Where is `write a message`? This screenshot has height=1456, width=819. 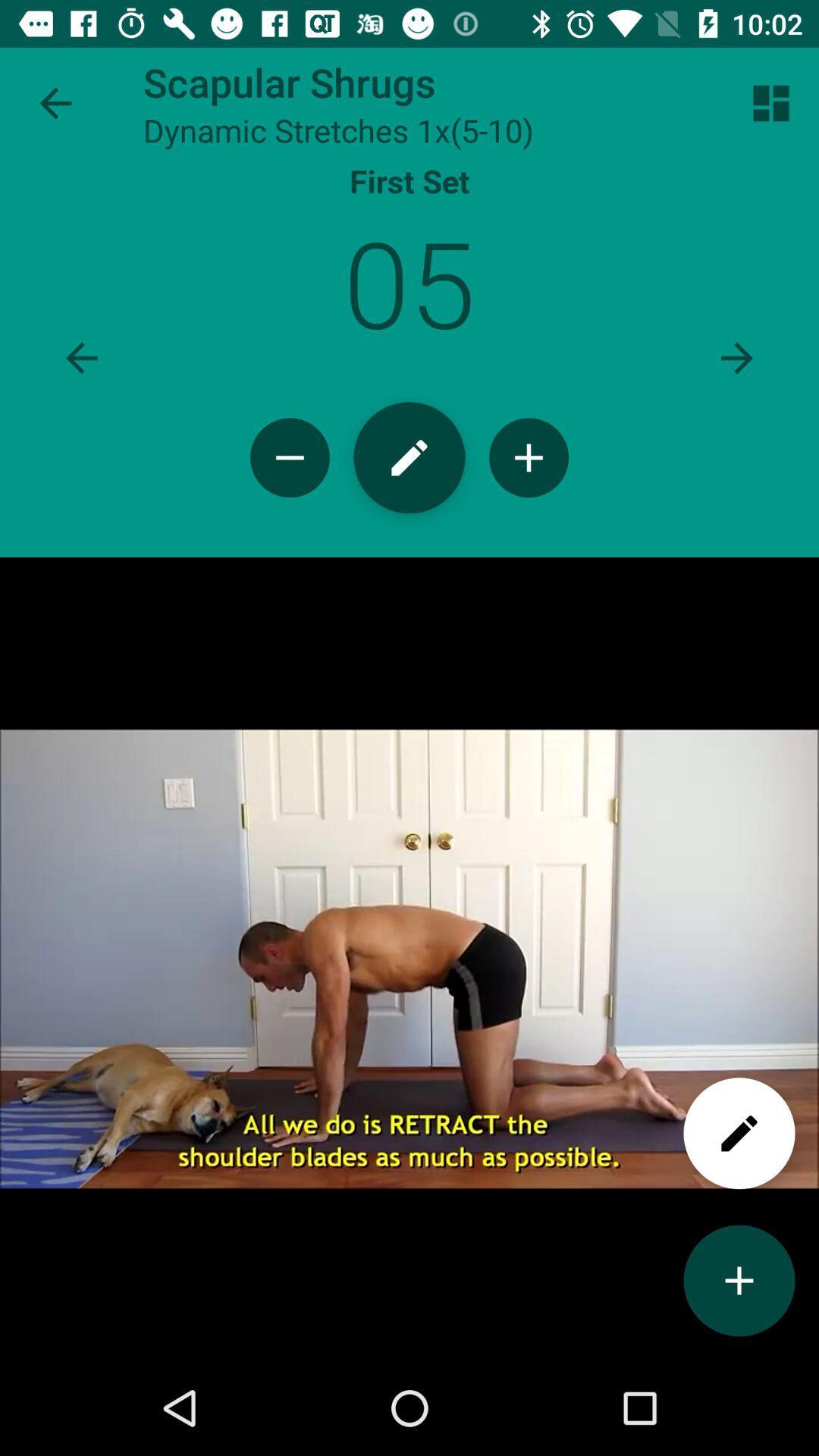 write a message is located at coordinates (739, 1133).